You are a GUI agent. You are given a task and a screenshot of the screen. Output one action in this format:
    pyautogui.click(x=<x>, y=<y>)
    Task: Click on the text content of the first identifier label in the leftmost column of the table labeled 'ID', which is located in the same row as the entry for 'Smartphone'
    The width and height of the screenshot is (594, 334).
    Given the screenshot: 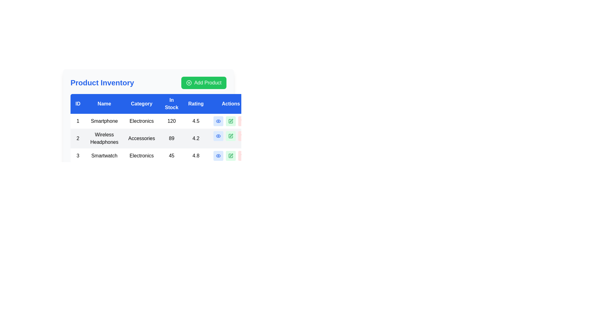 What is the action you would take?
    pyautogui.click(x=78, y=121)
    